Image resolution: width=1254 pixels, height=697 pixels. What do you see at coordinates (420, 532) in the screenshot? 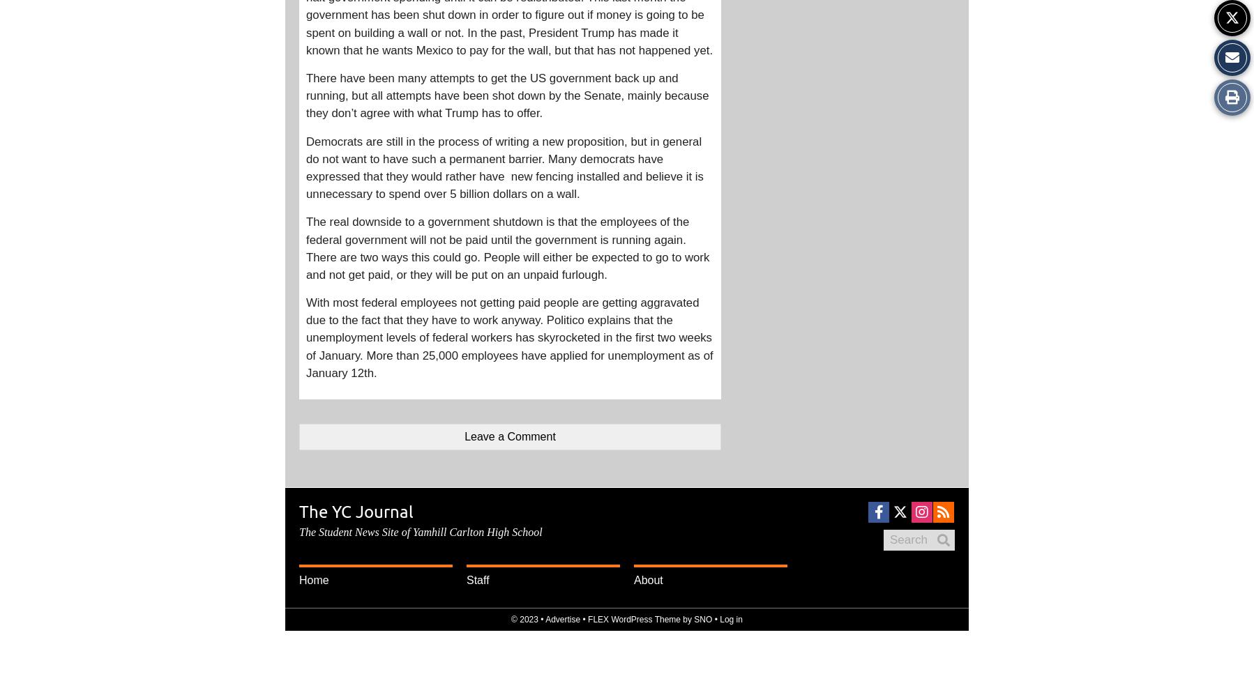
I see `'The Student News Site of Yamhill Carlton High School'` at bounding box center [420, 532].